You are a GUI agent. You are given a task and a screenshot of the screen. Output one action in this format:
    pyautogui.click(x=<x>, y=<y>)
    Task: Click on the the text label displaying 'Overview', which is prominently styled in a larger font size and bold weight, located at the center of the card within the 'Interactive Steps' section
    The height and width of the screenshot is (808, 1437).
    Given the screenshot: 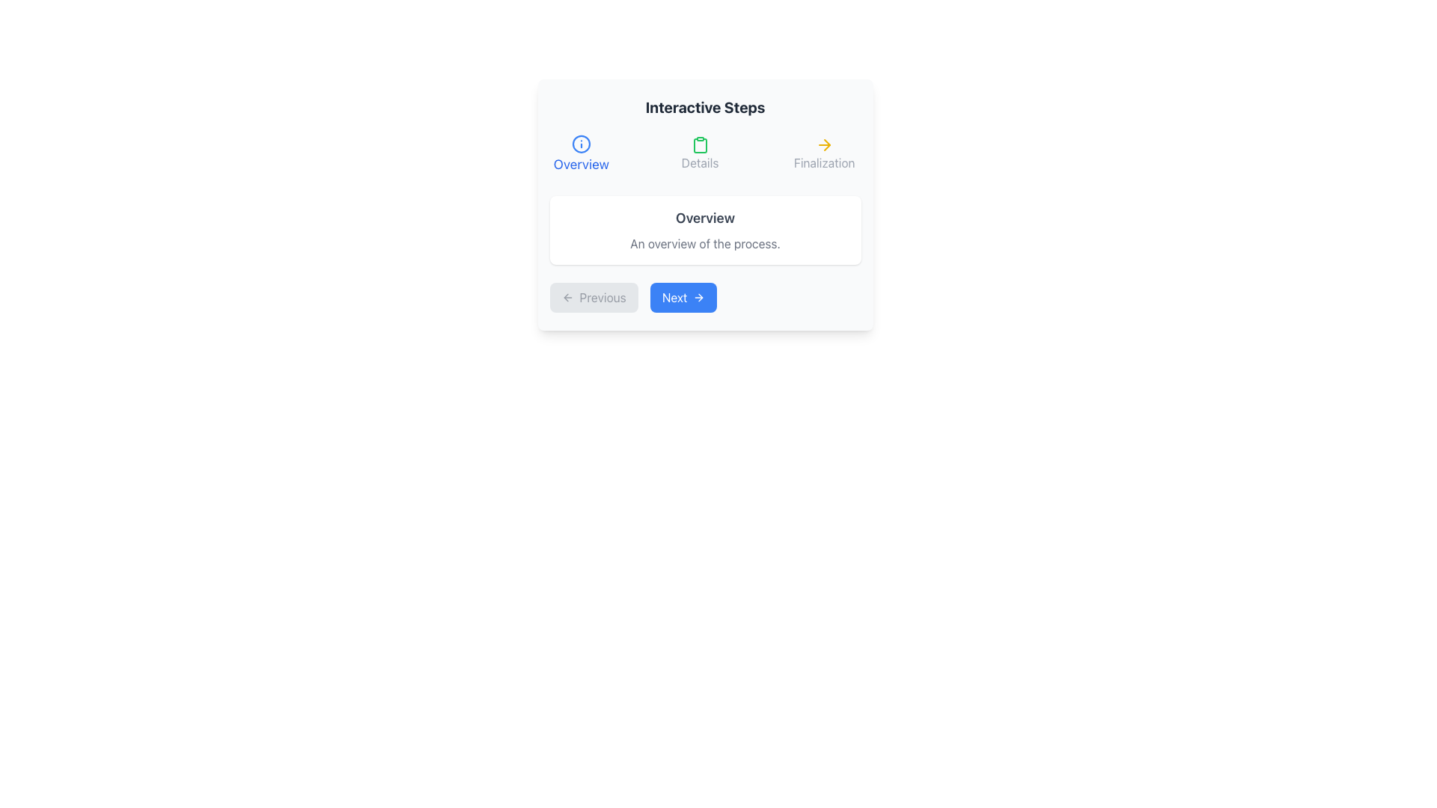 What is the action you would take?
    pyautogui.click(x=704, y=218)
    